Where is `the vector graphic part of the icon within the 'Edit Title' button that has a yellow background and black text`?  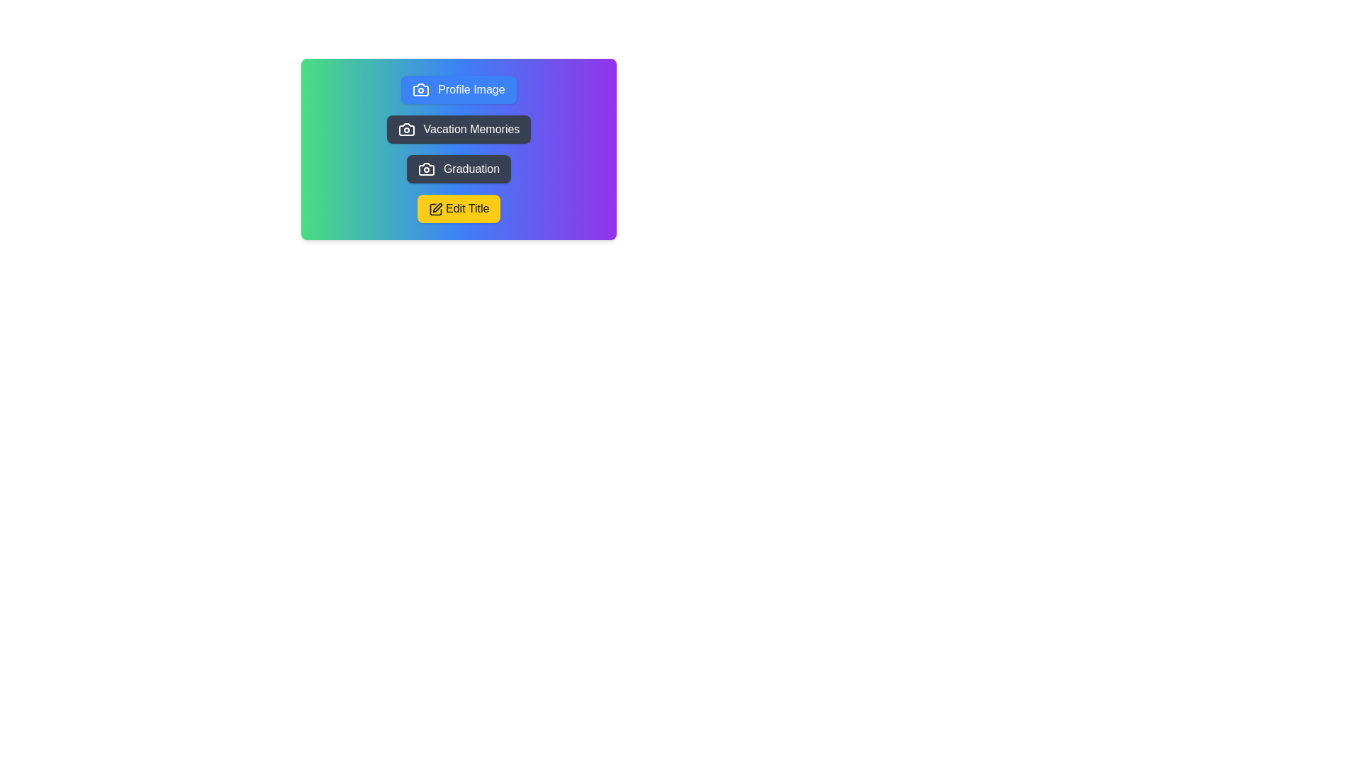 the vector graphic part of the icon within the 'Edit Title' button that has a yellow background and black text is located at coordinates (437, 208).